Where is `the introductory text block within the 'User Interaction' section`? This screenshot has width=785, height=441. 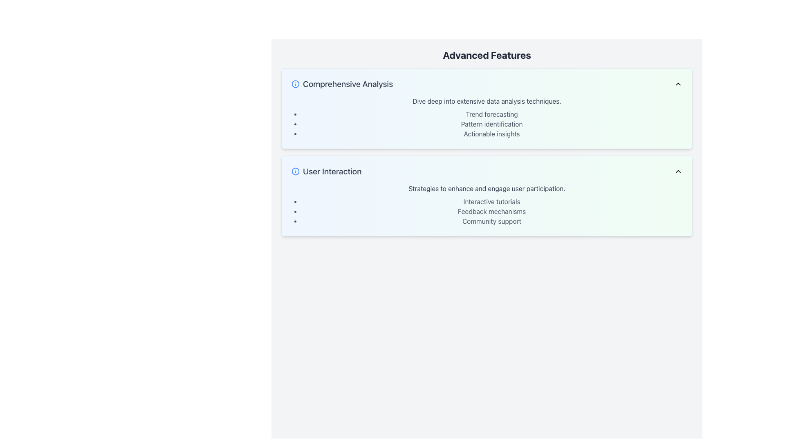
the introductory text block within the 'User Interaction' section is located at coordinates (487, 189).